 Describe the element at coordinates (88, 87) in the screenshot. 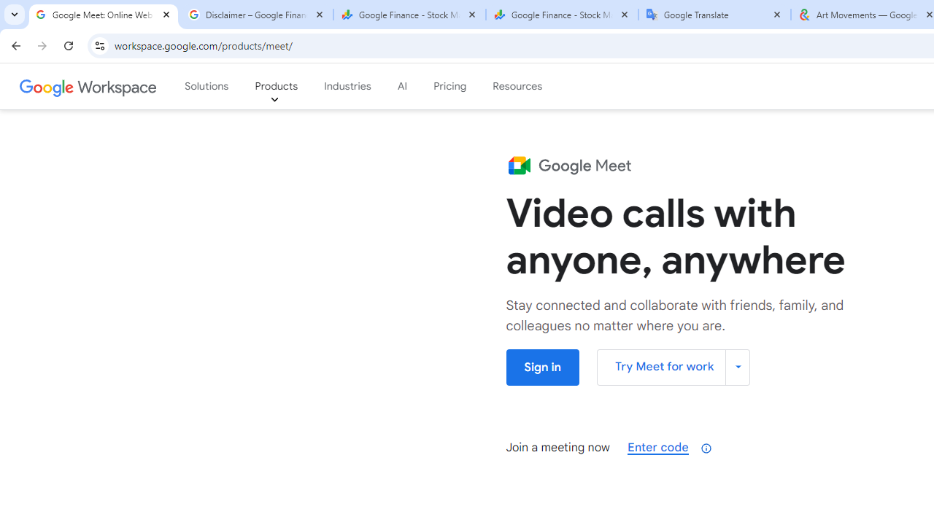

I see `'Google Workspace'` at that location.